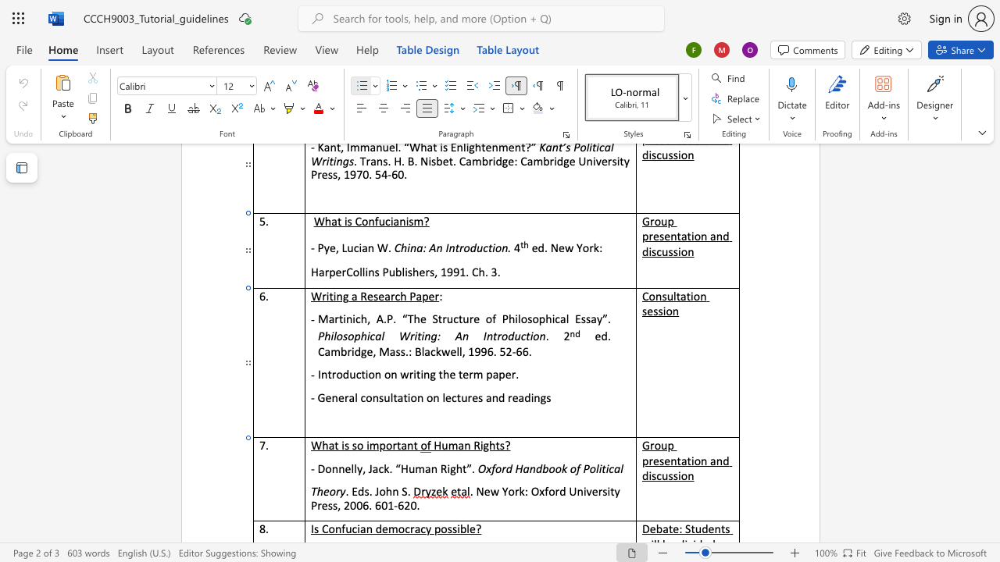 The width and height of the screenshot is (1000, 562). Describe the element at coordinates (356, 445) in the screenshot. I see `the space between the continuous character "s" and "o" in the text` at that location.